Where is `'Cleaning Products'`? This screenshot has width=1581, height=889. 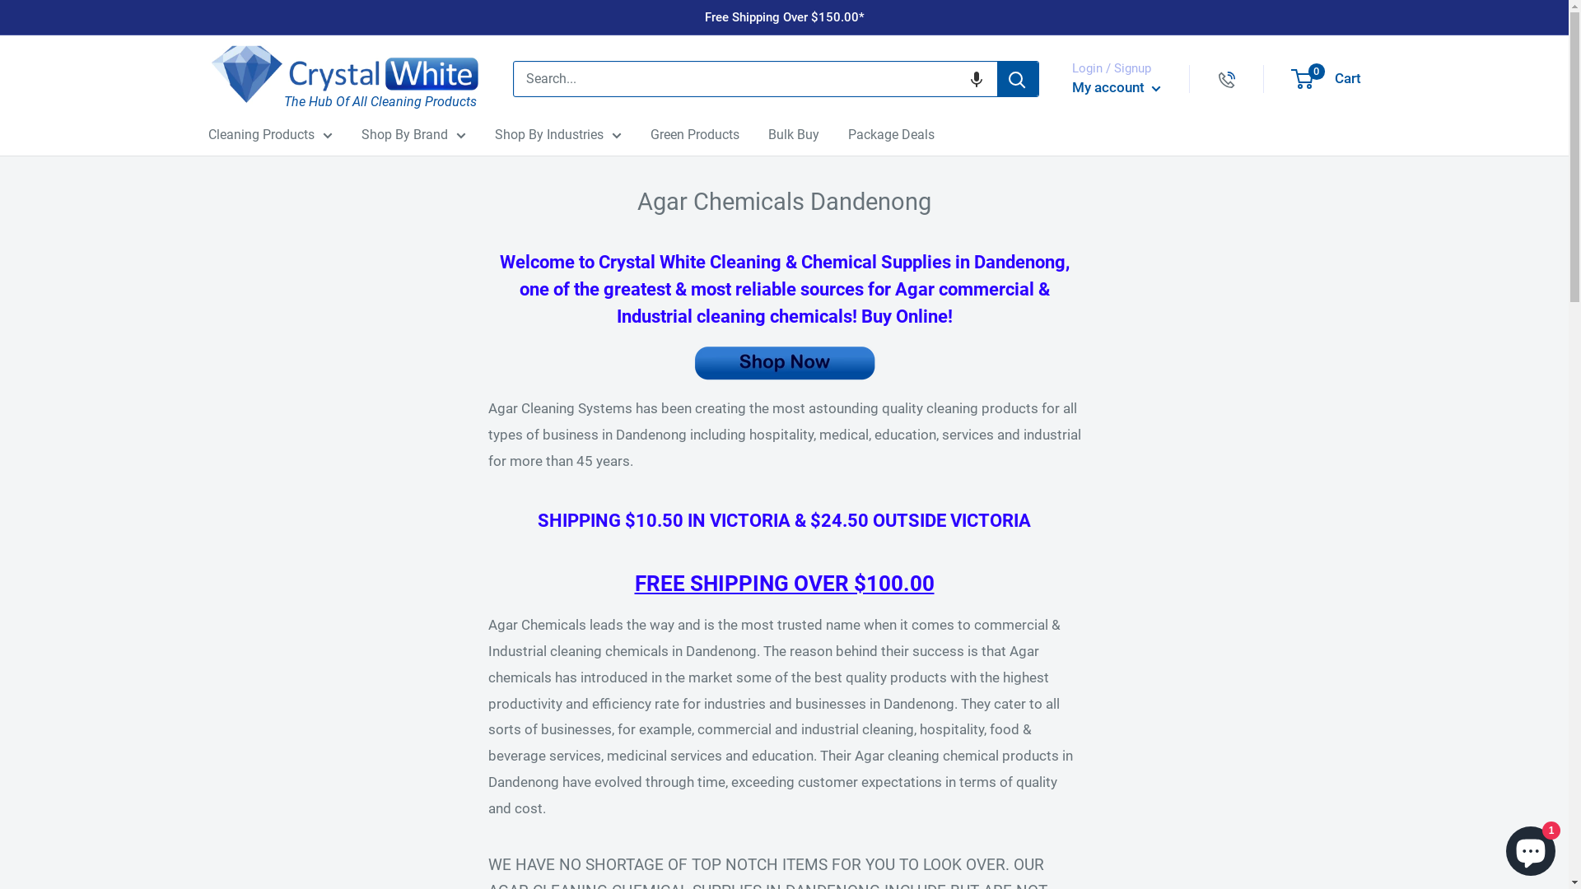 'Cleaning Products' is located at coordinates (269, 134).